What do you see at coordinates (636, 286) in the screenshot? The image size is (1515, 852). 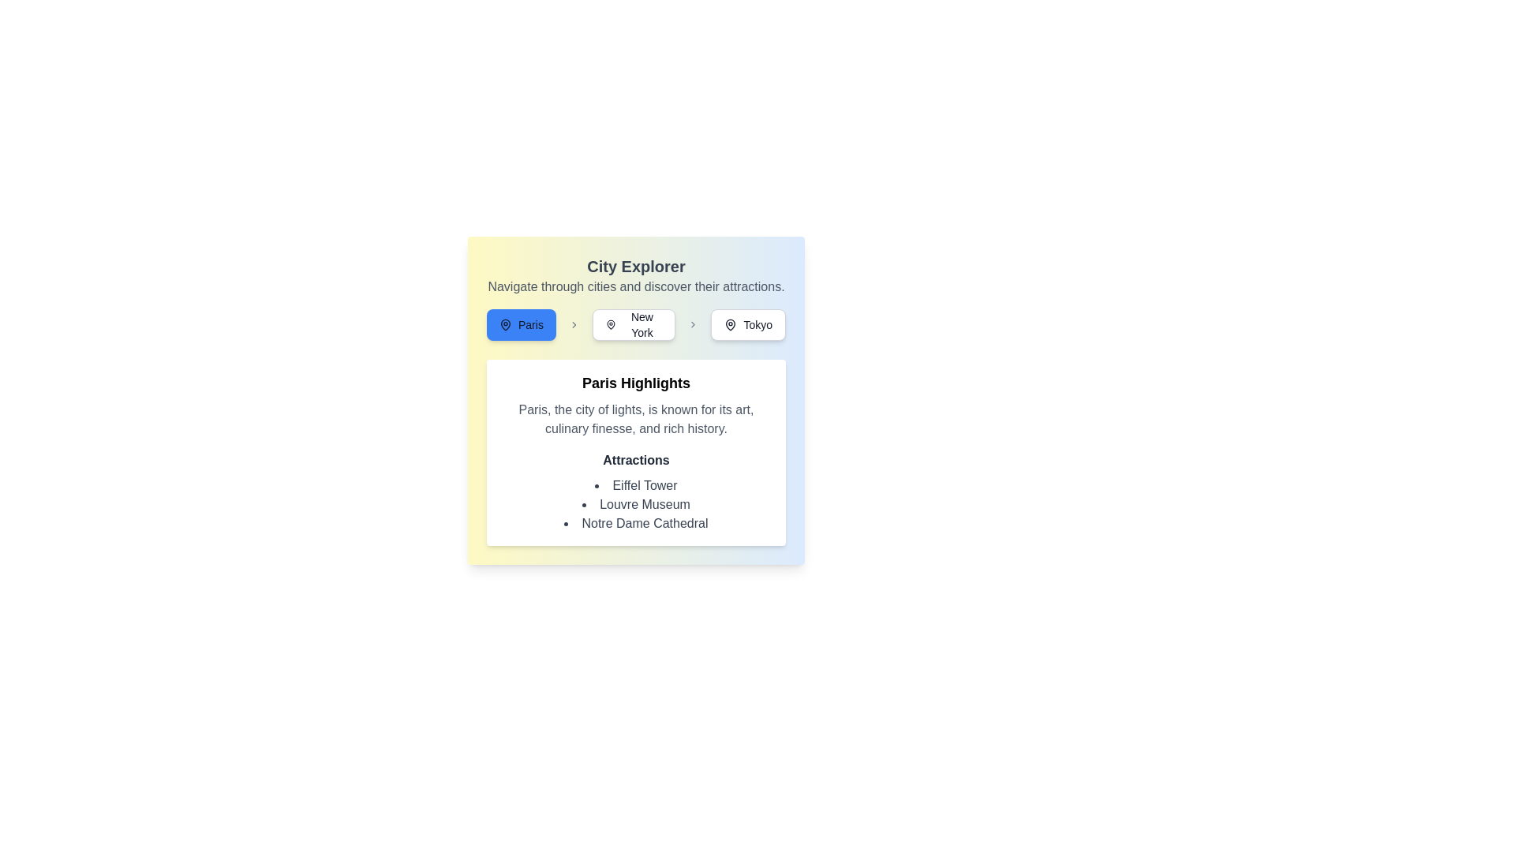 I see `the text element displaying 'Navigate through cities and discover their attractions.' which is located beneath the 'City Explorer' header and is center-aligned` at bounding box center [636, 286].